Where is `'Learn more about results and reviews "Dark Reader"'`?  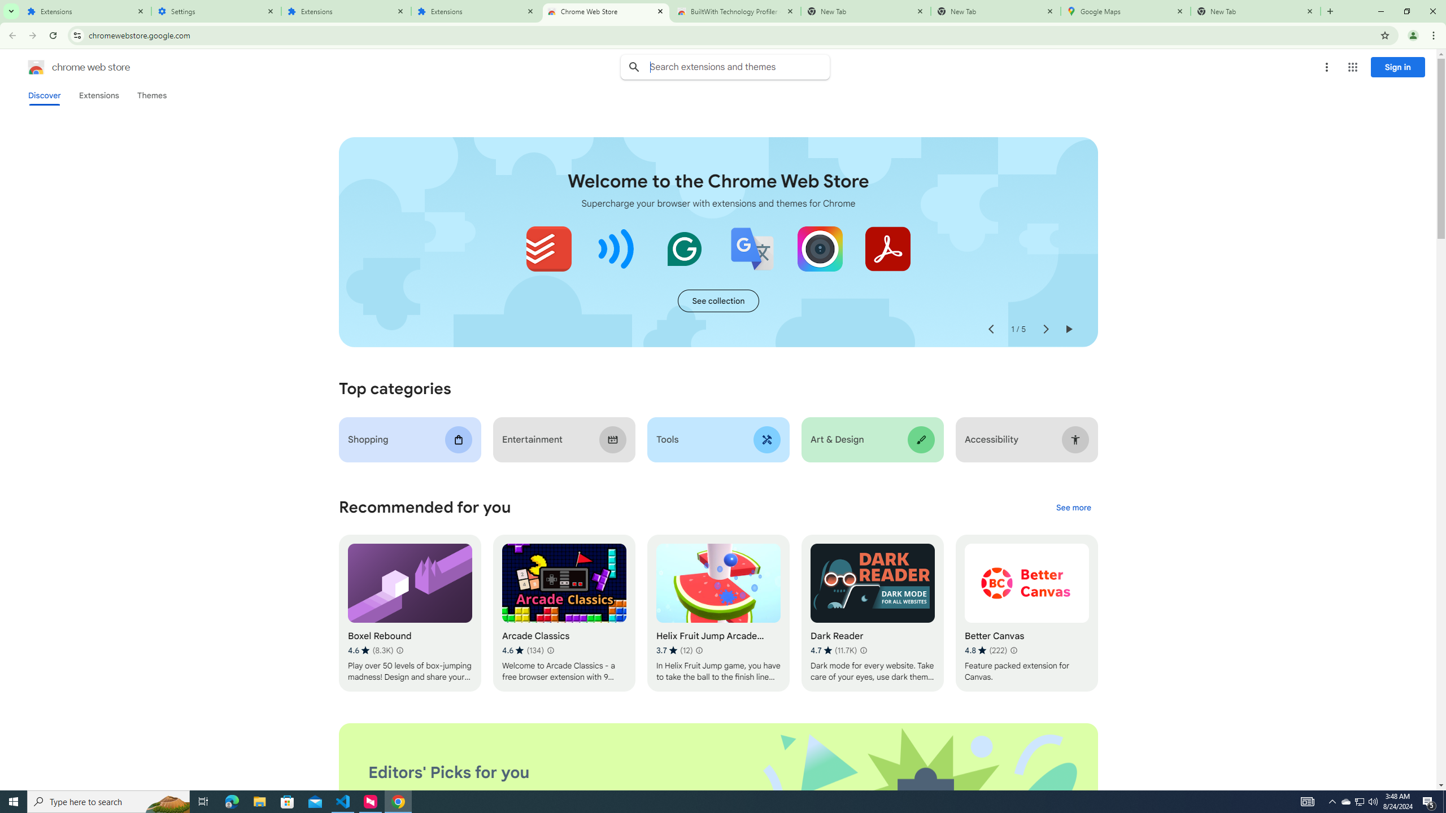
'Learn more about results and reviews "Dark Reader"' is located at coordinates (863, 650).